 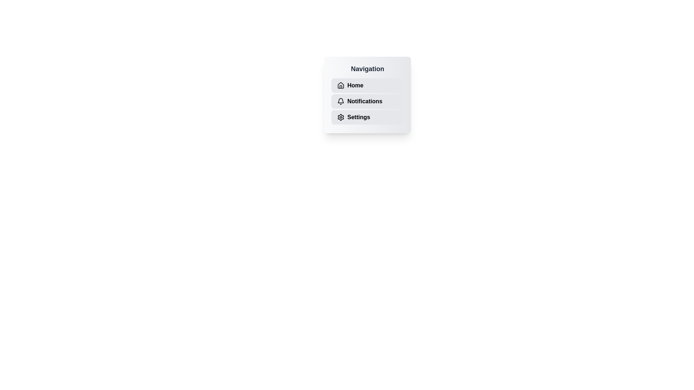 I want to click on the navigation item labeled Notifications to activate it, so click(x=368, y=101).